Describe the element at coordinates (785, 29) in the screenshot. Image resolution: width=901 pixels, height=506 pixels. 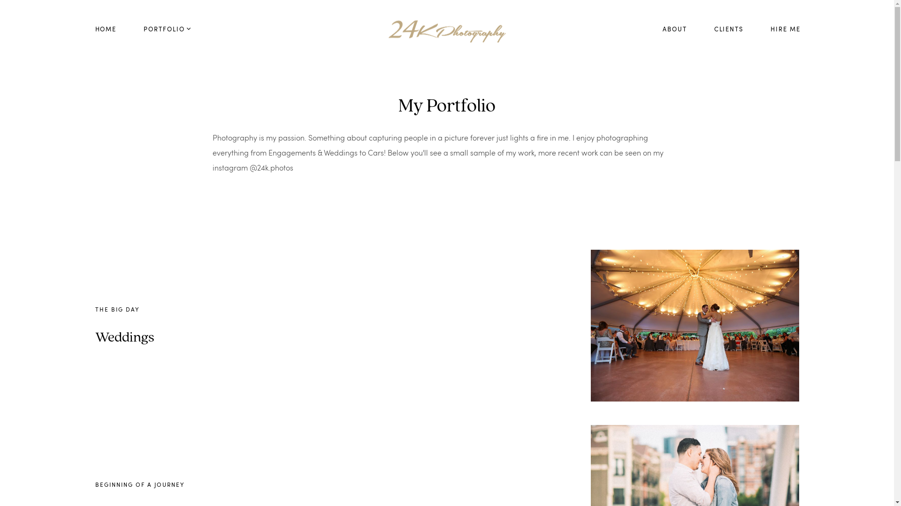
I see `'HIRE ME'` at that location.